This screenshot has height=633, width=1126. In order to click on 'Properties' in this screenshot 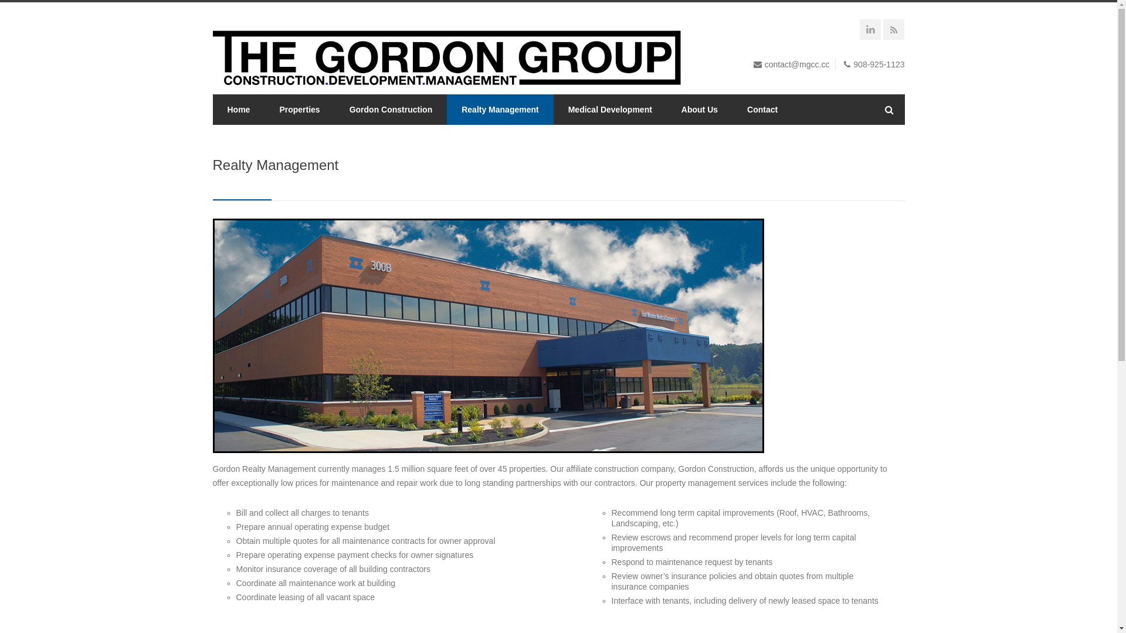, I will do `click(299, 109)`.